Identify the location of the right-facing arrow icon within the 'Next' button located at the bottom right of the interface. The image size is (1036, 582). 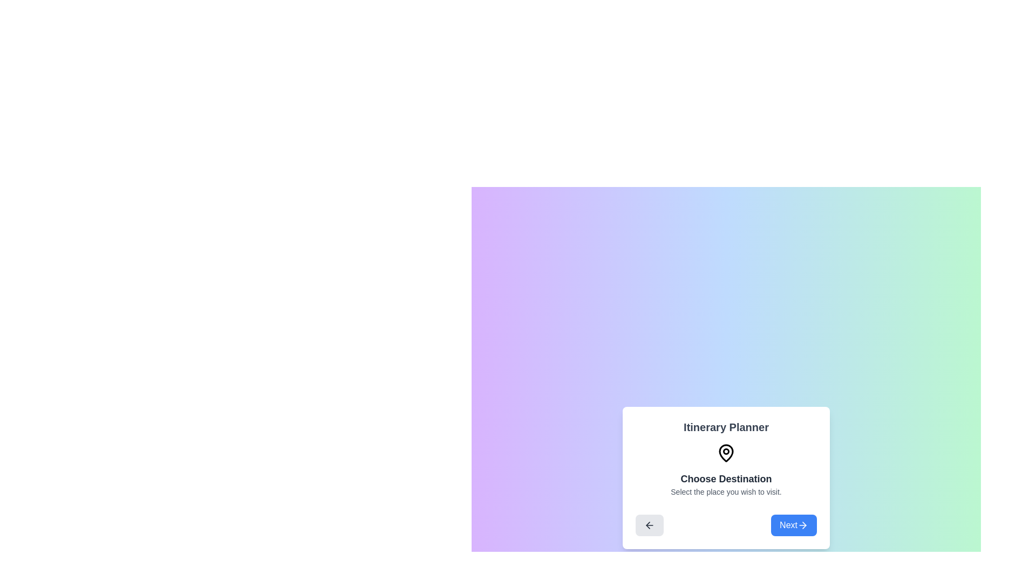
(804, 525).